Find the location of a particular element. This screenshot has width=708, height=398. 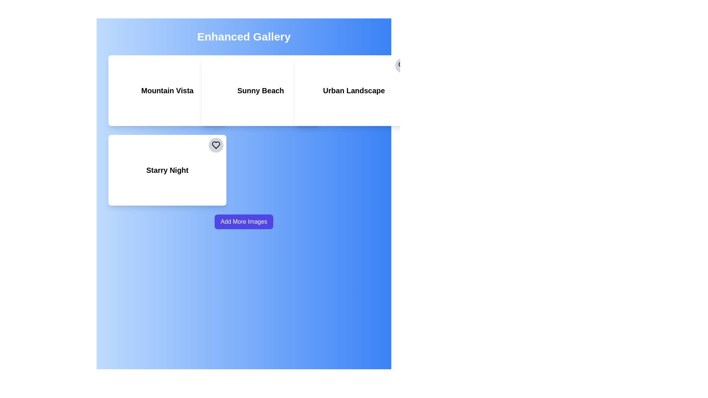

the 'like' button with an icon located in the top-right corner of the 'Starry Night' card is located at coordinates (215, 145).